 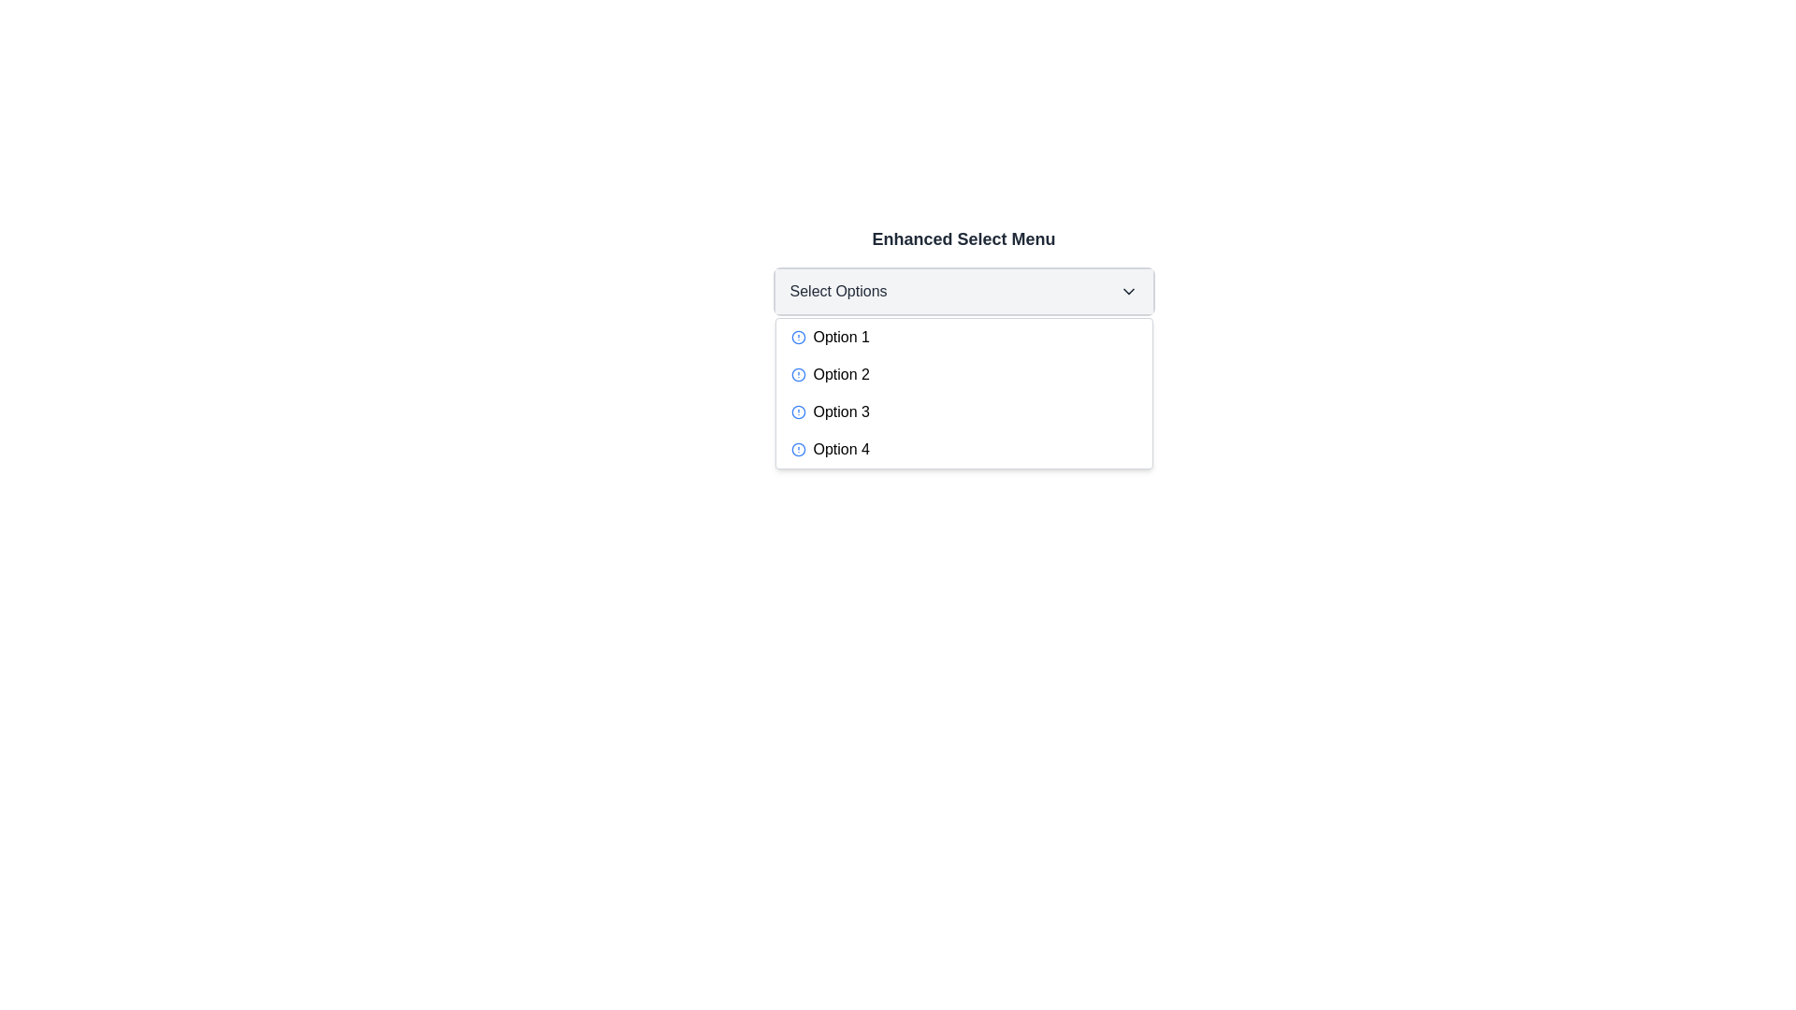 I want to click on the circular informational icon located to the left of the text 'Option 3' in the dropdown list, which indicates additional information or alerts related to that option, so click(x=798, y=411).